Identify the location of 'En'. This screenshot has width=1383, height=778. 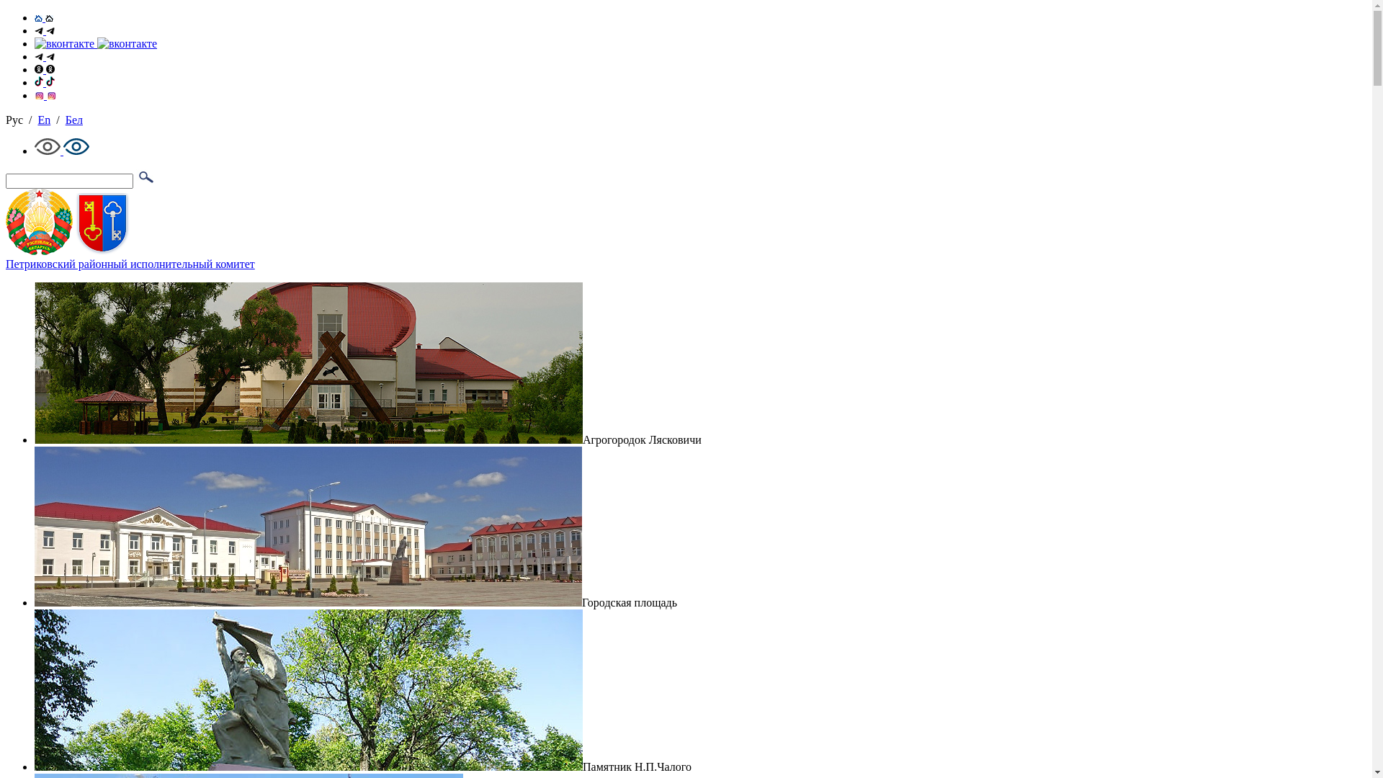
(44, 119).